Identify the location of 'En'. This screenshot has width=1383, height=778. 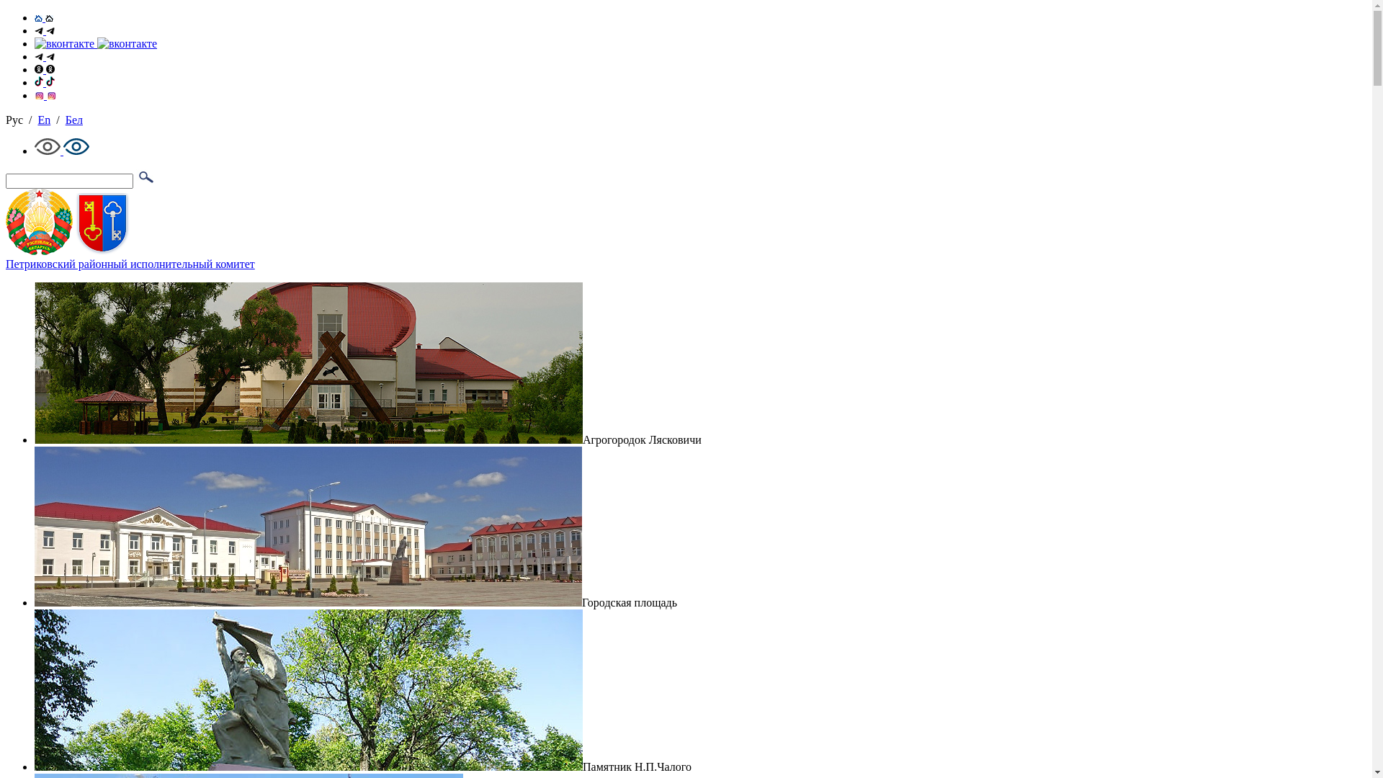
(44, 119).